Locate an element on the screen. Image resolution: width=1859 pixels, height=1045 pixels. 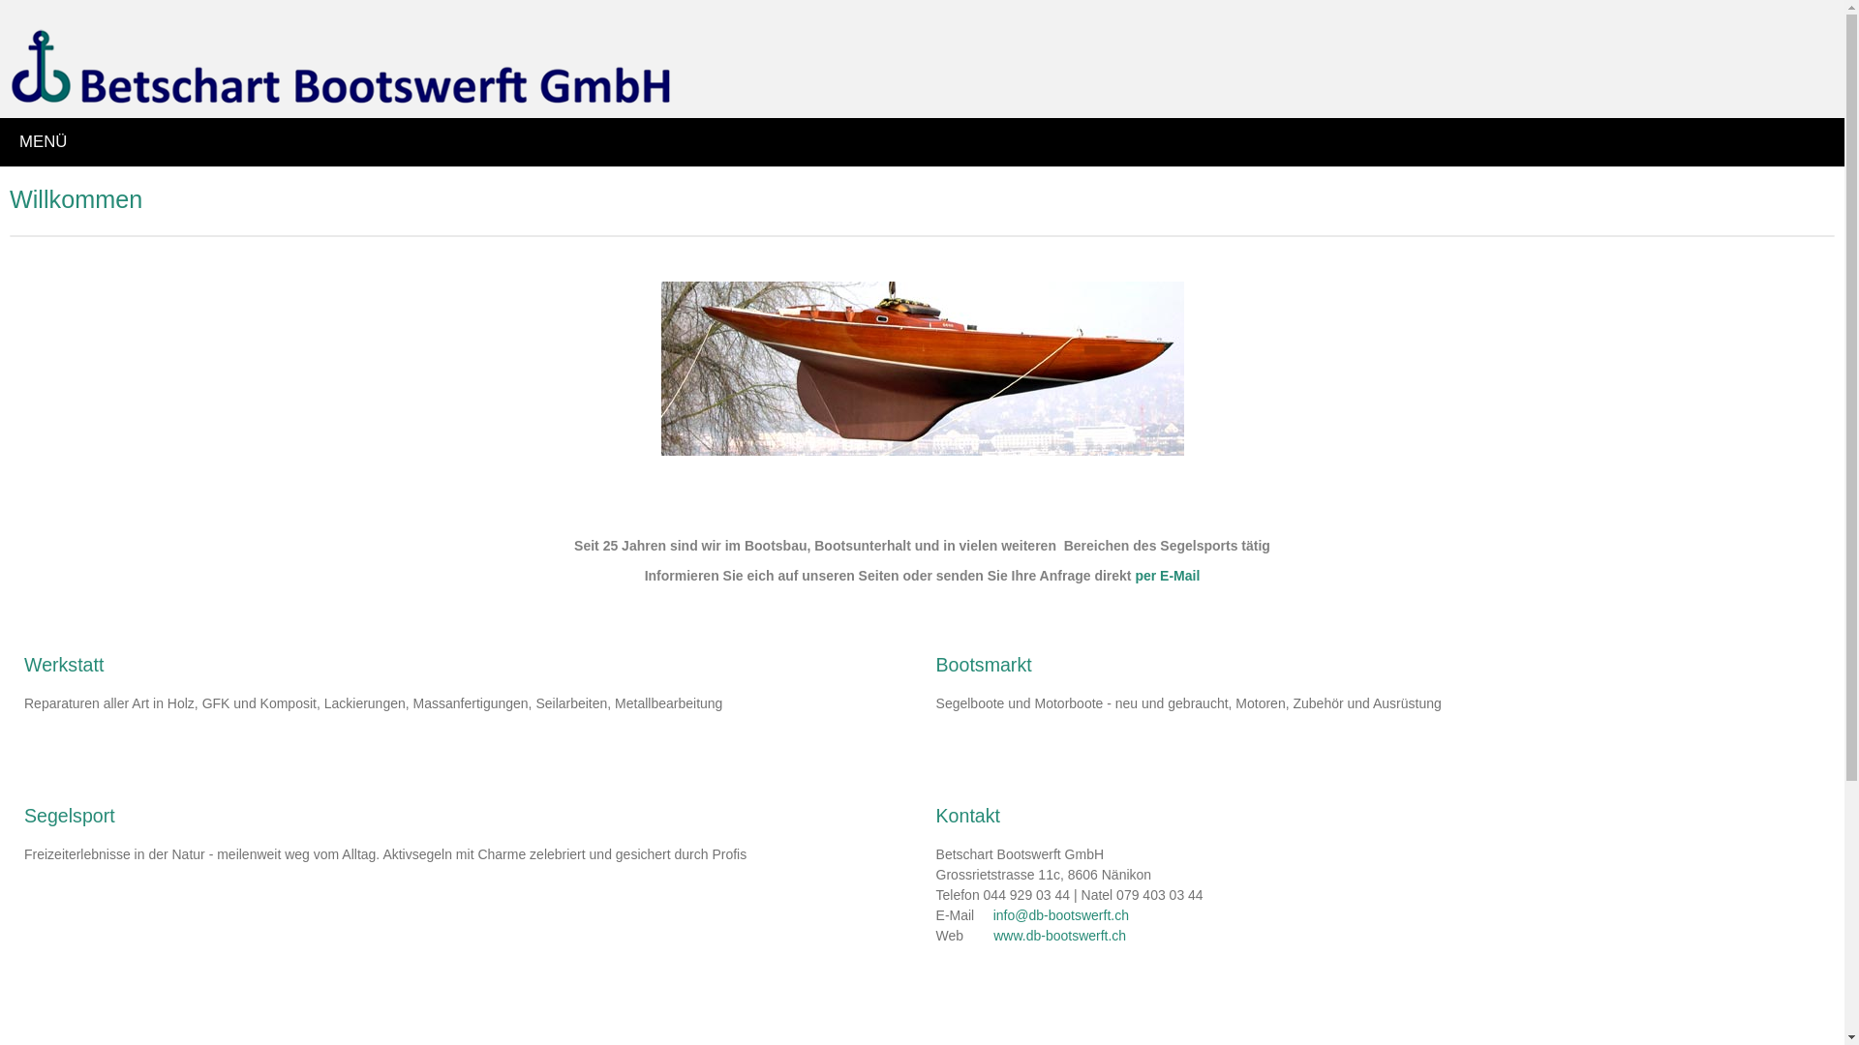
'Bootsmarkt' is located at coordinates (984, 663).